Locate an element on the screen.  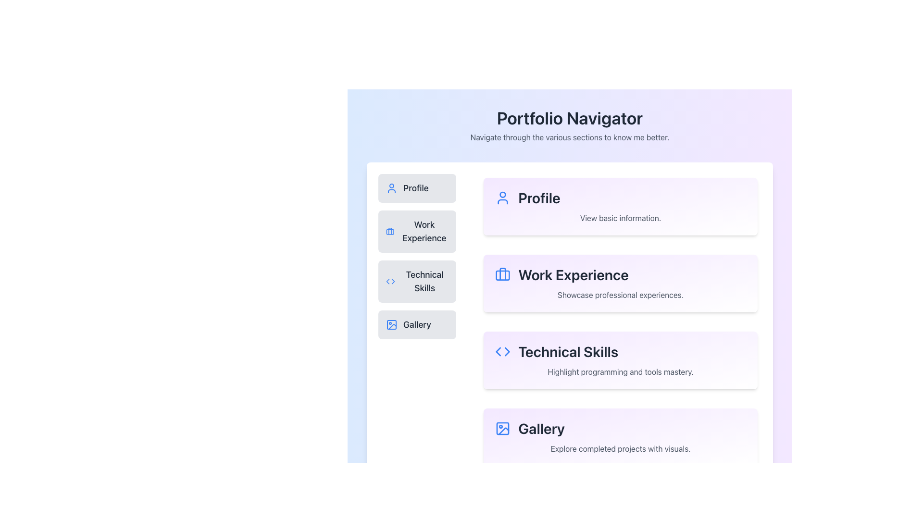
the descriptive subtitle text block located below the 'Work Experience' heading is located at coordinates (621, 294).